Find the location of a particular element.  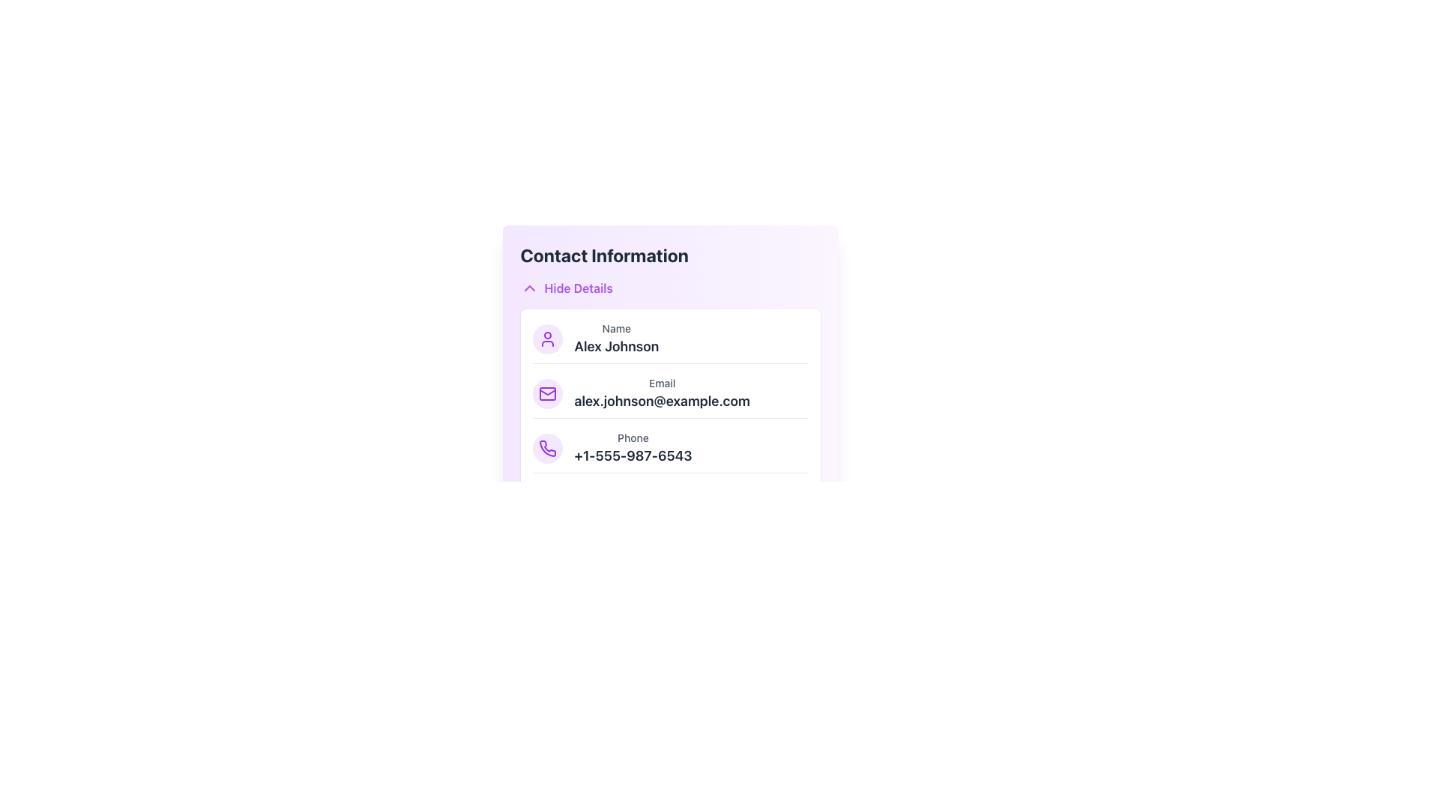

the phone receiver SVG icon styled with a purple stroke located next to the 'Phone' label in the 'Contact Information' section of the interface is located at coordinates (546, 447).